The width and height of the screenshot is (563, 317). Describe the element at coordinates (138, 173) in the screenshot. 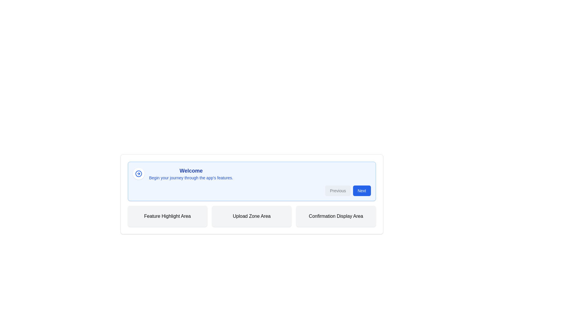

I see `the circular button with a blue arrow icon on a white background, located to the left of the 'Welcome' text` at that location.